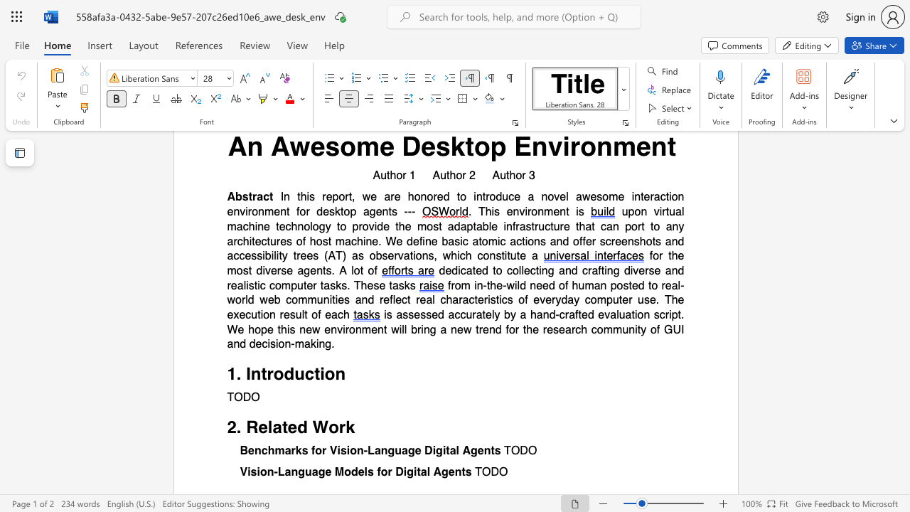 The height and width of the screenshot is (512, 910). I want to click on the subset text "itut" within the text "constitute", so click(504, 256).